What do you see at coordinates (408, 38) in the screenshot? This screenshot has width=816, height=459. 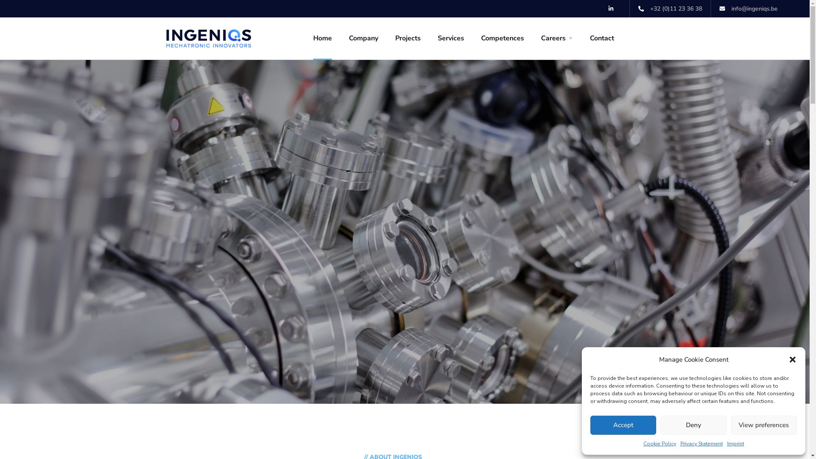 I see `'Projects'` at bounding box center [408, 38].